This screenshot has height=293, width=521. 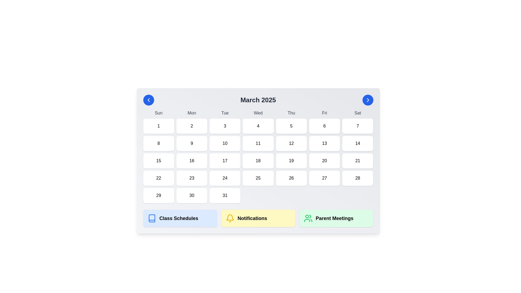 What do you see at coordinates (192, 143) in the screenshot?
I see `the calendar day cell displaying the digit '9', located in the third row and second column of the calendar grid directly below 'Mon'` at bounding box center [192, 143].